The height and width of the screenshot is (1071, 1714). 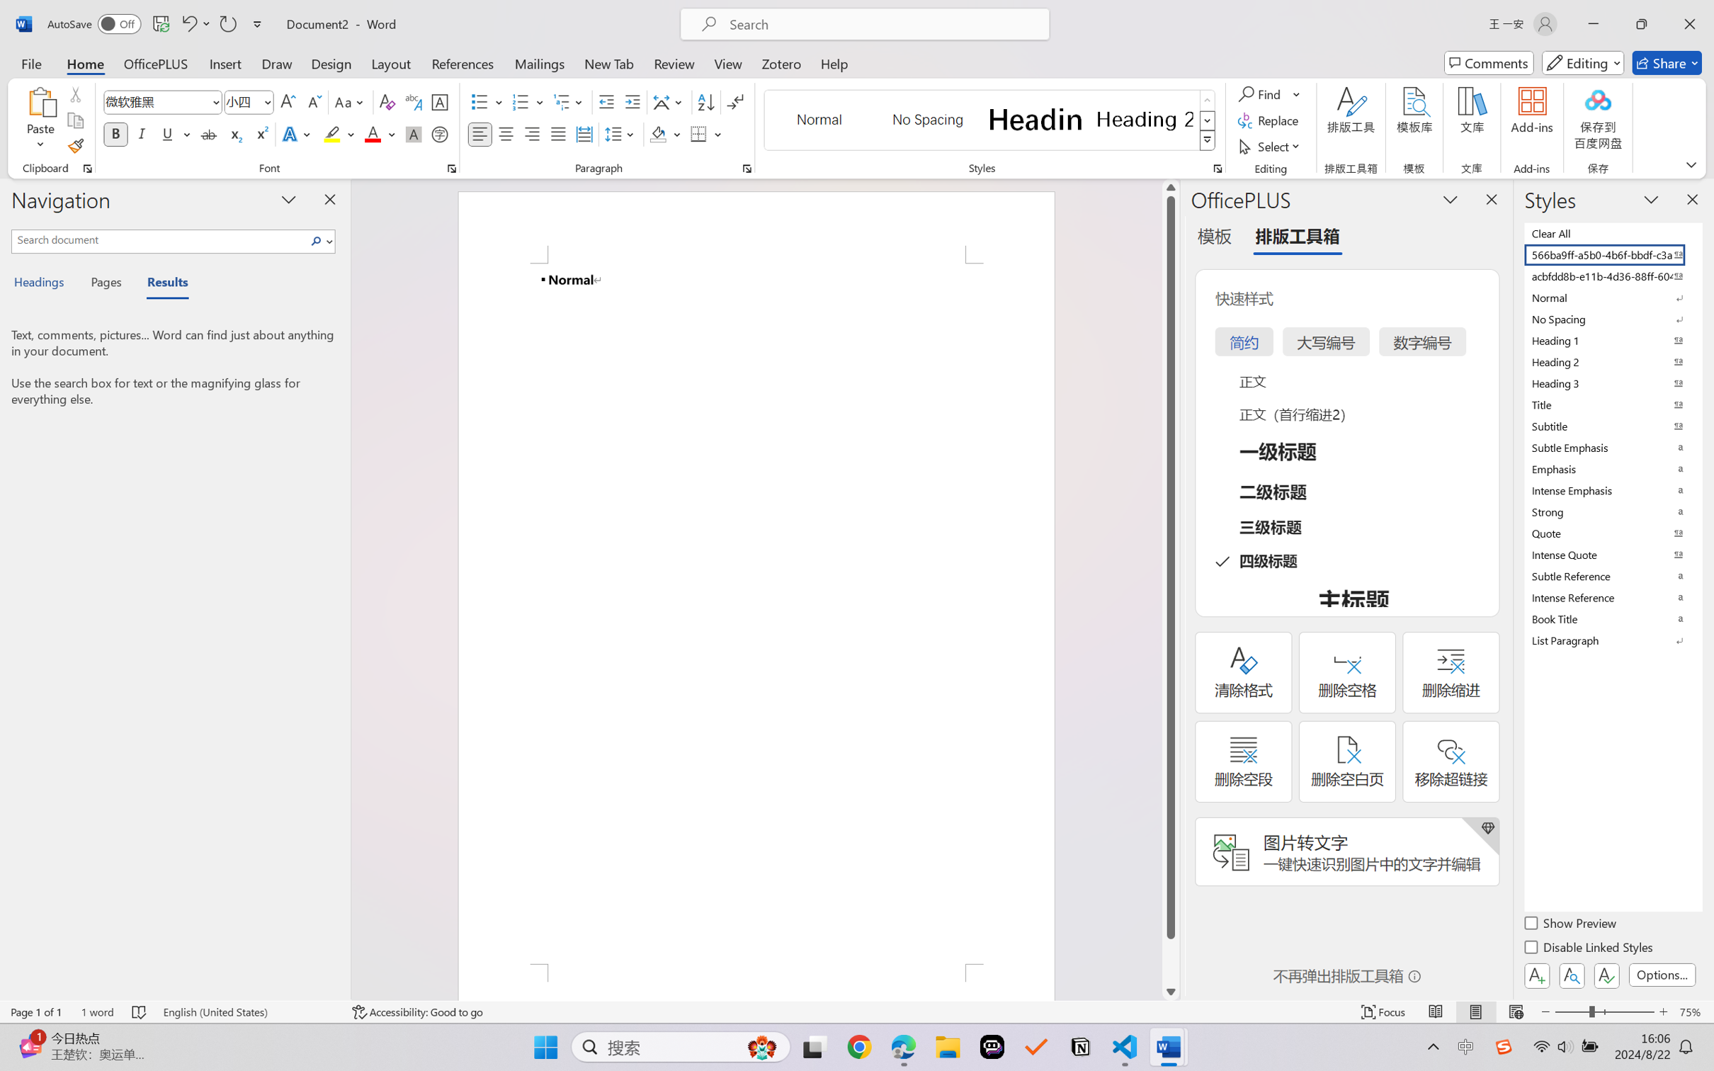 I want to click on 'Select', so click(x=1271, y=147).